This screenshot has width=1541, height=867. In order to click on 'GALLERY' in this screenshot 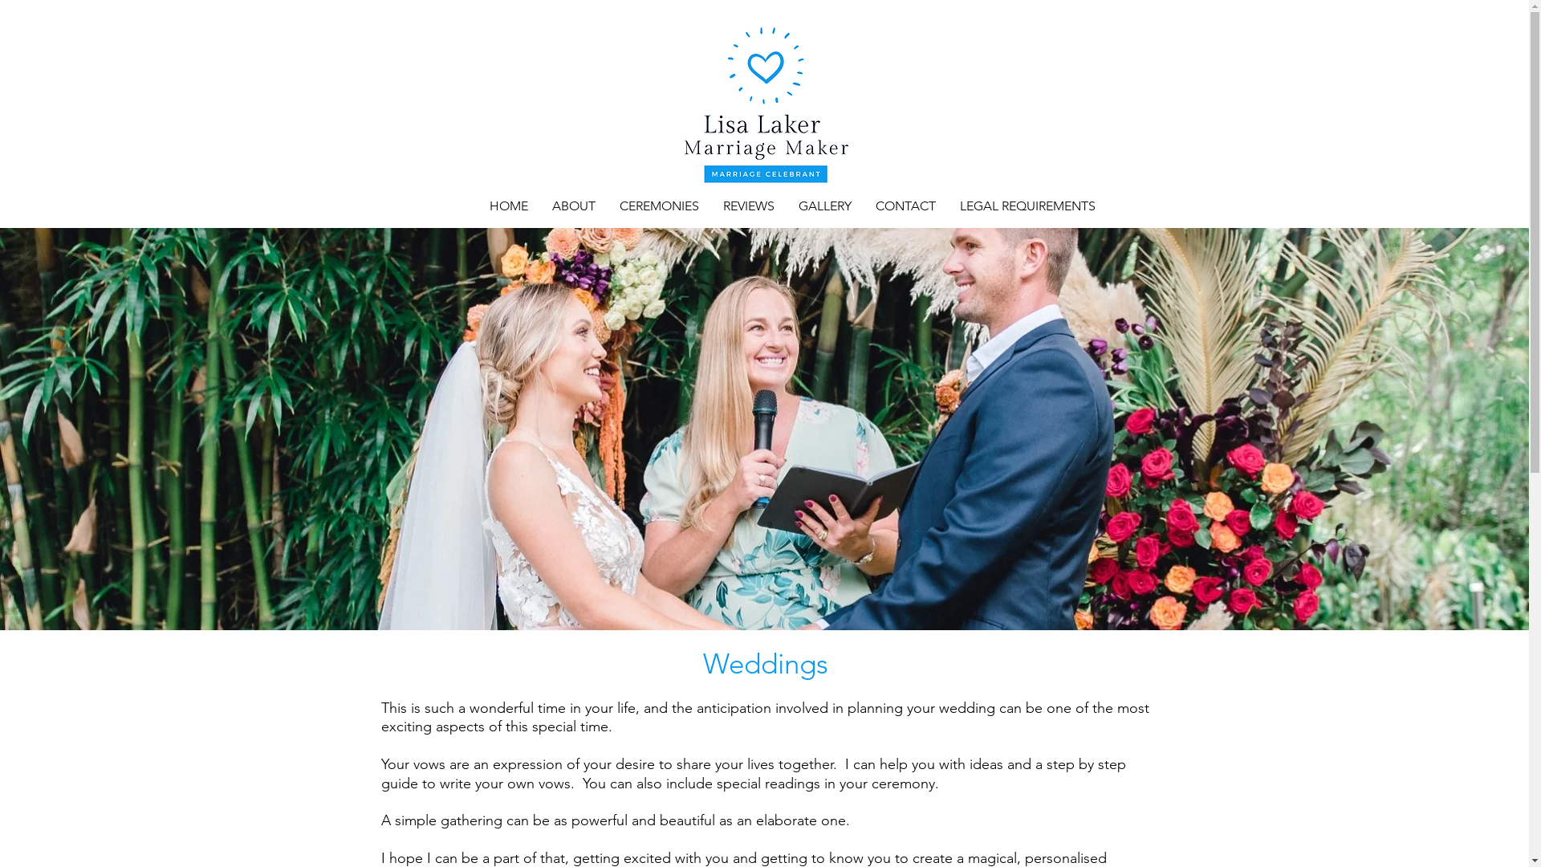, I will do `click(786, 206)`.